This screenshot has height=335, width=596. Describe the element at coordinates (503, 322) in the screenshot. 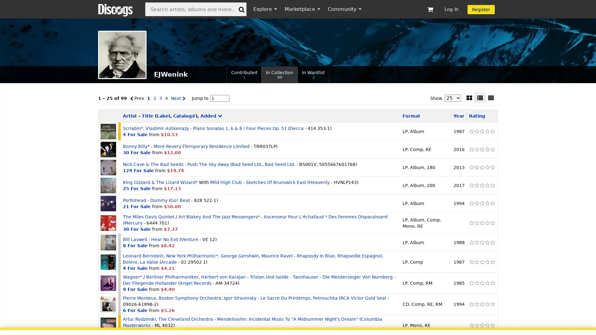

I see `Allow All Cookies` at that location.